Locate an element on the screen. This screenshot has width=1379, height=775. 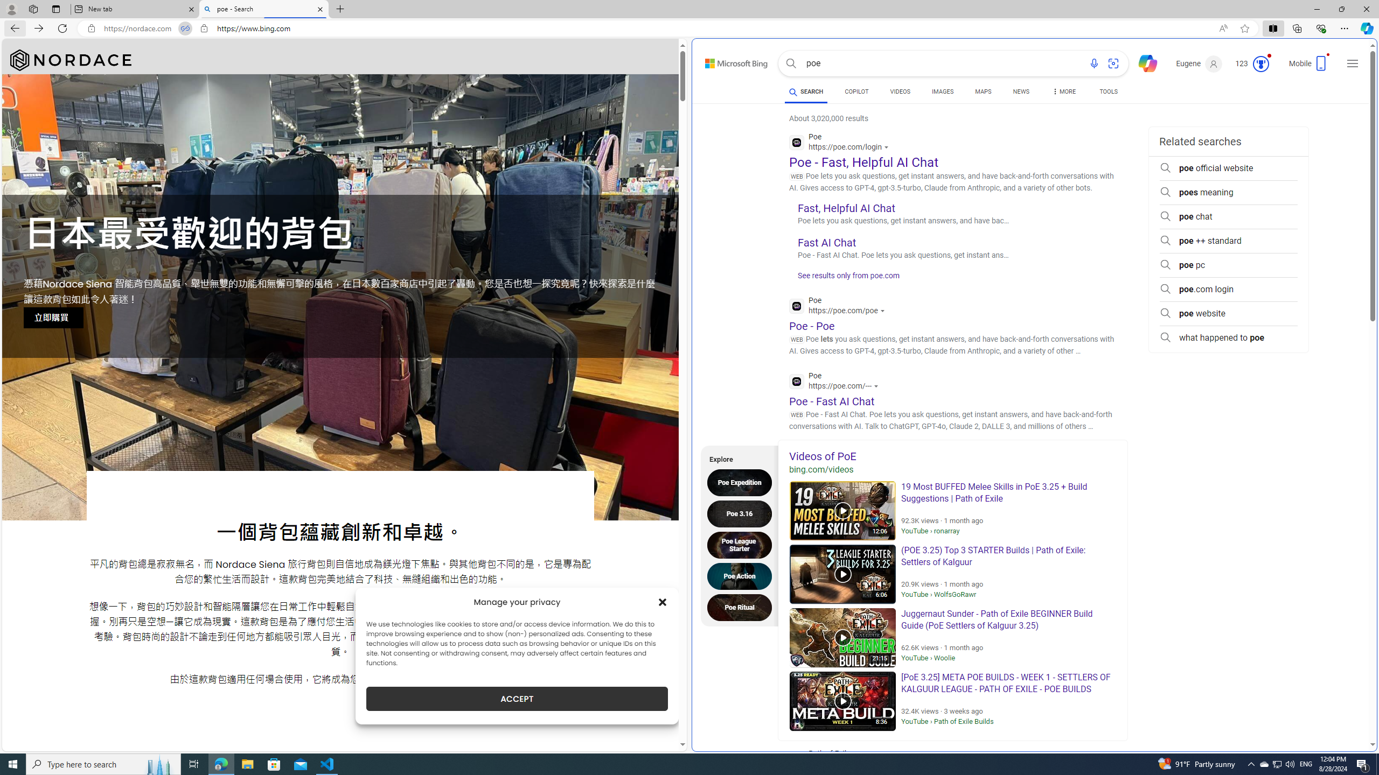
'TOOLS' is located at coordinates (1109, 93).